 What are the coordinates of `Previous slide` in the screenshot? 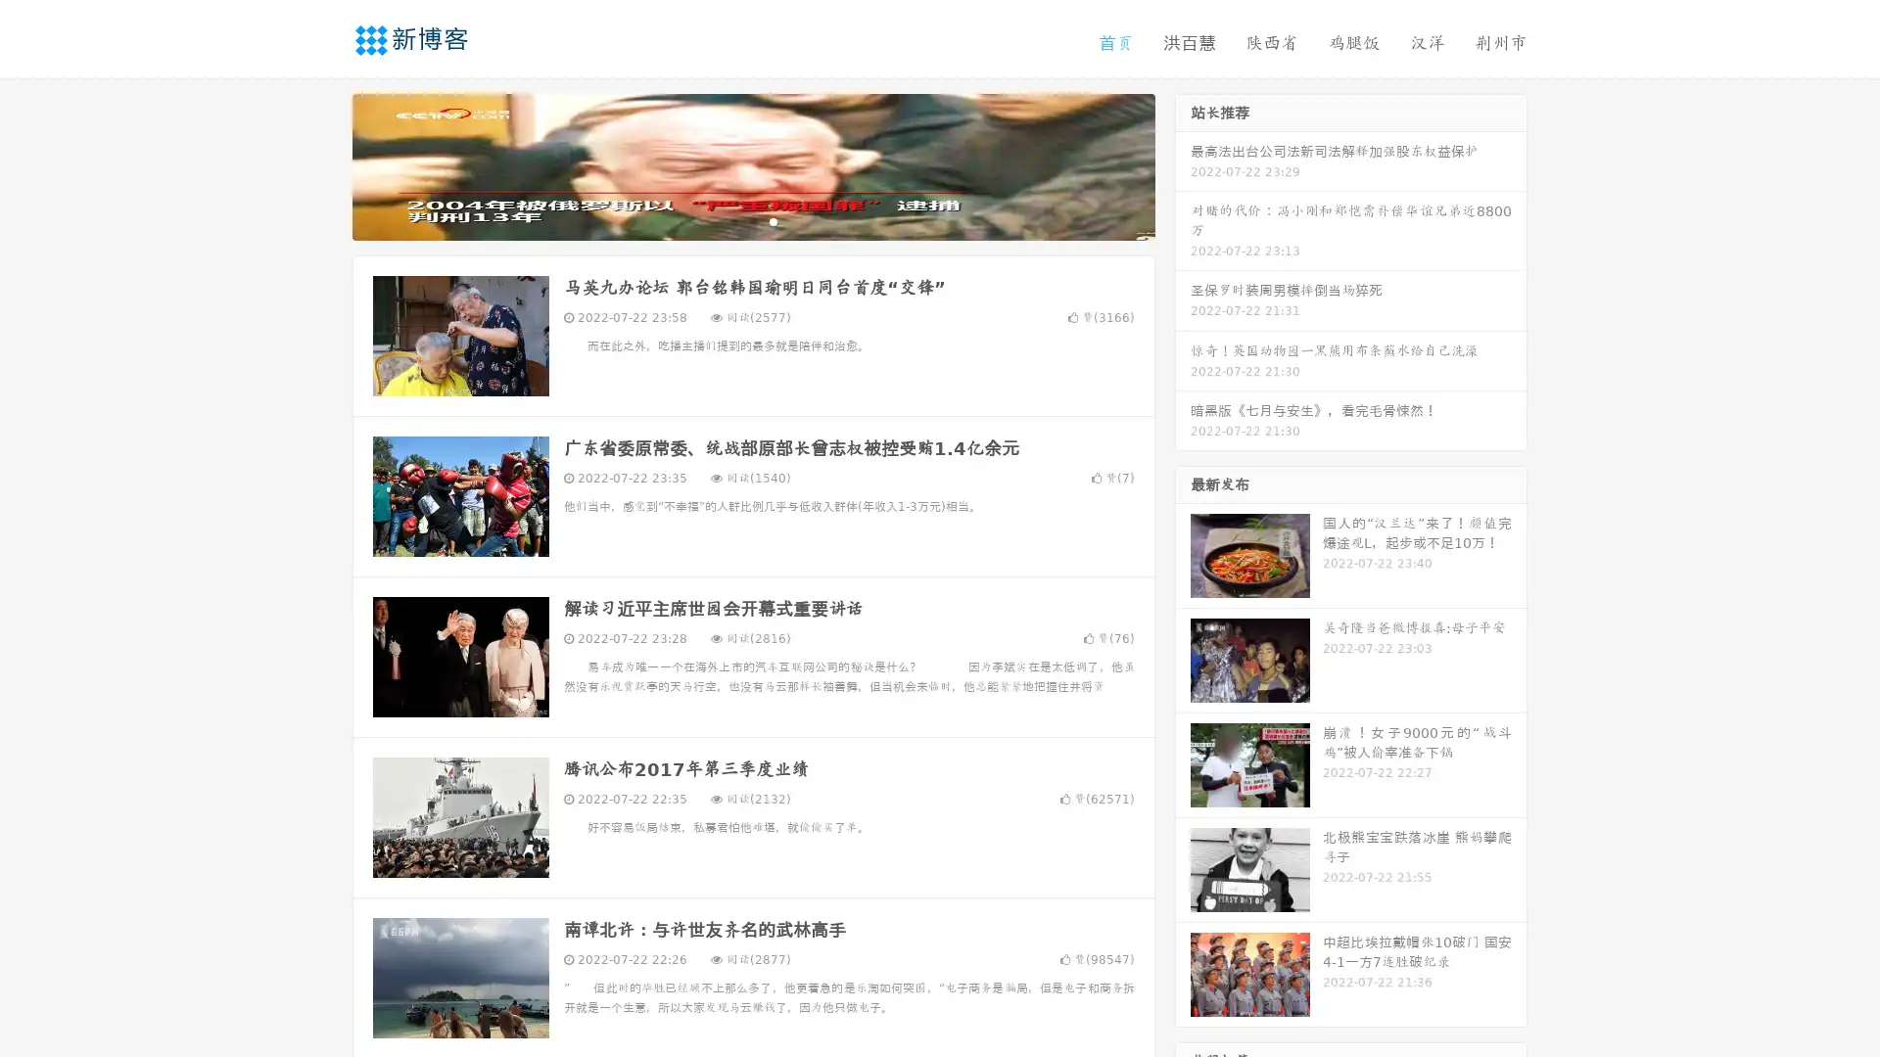 It's located at (323, 164).